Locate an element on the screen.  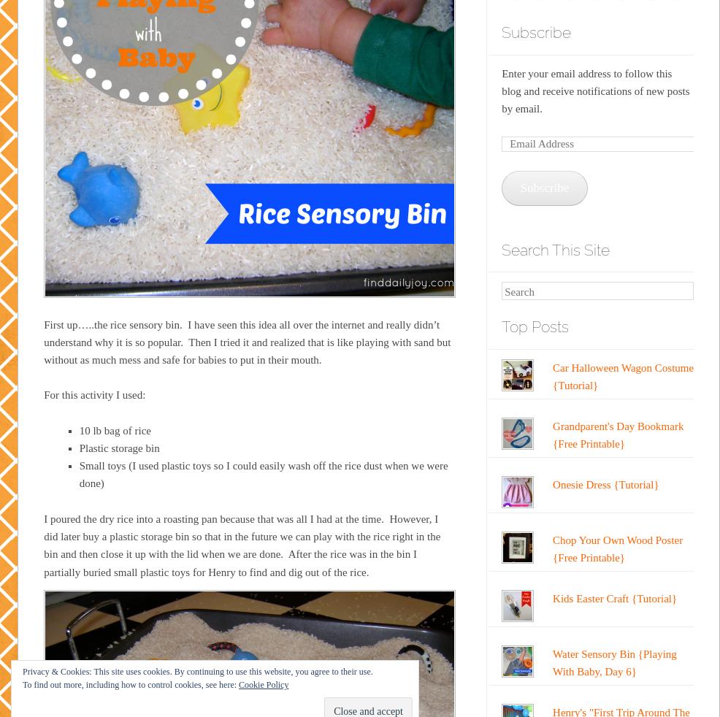
'Kids Easter Craft {Tutorial}' is located at coordinates (614, 597).